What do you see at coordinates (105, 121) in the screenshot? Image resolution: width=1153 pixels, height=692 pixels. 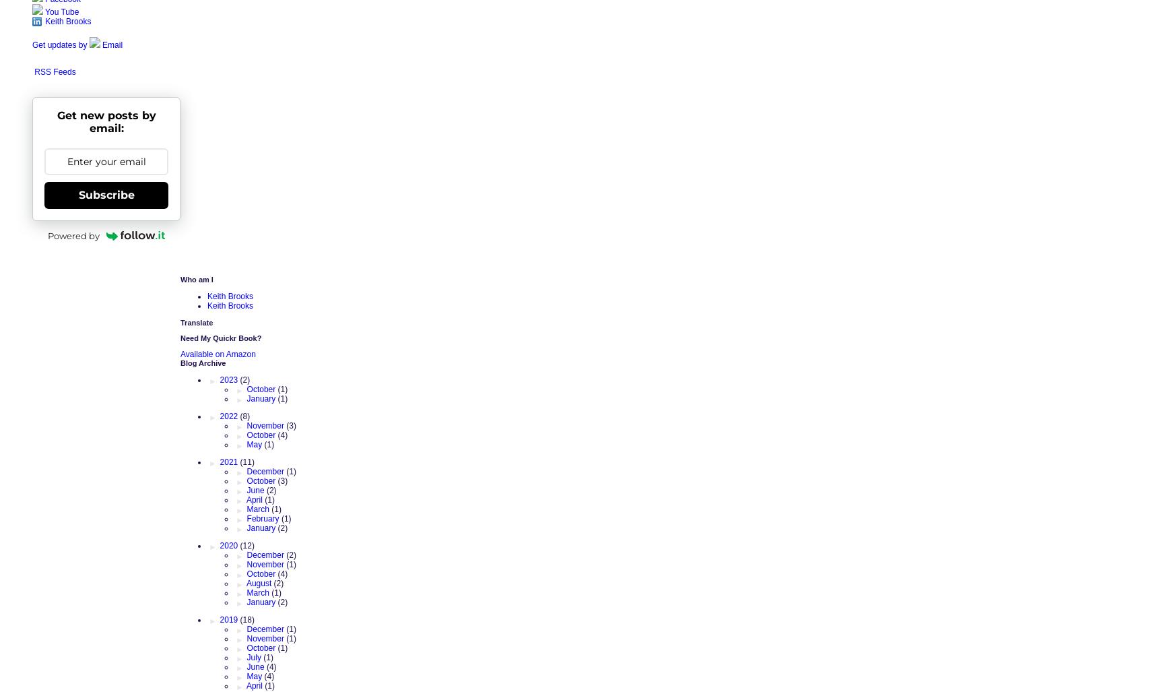 I see `'Get new posts by email:'` at bounding box center [105, 121].